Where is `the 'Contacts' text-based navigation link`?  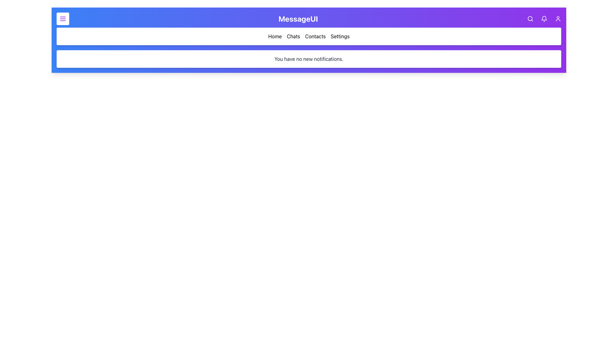 the 'Contacts' text-based navigation link is located at coordinates (315, 36).